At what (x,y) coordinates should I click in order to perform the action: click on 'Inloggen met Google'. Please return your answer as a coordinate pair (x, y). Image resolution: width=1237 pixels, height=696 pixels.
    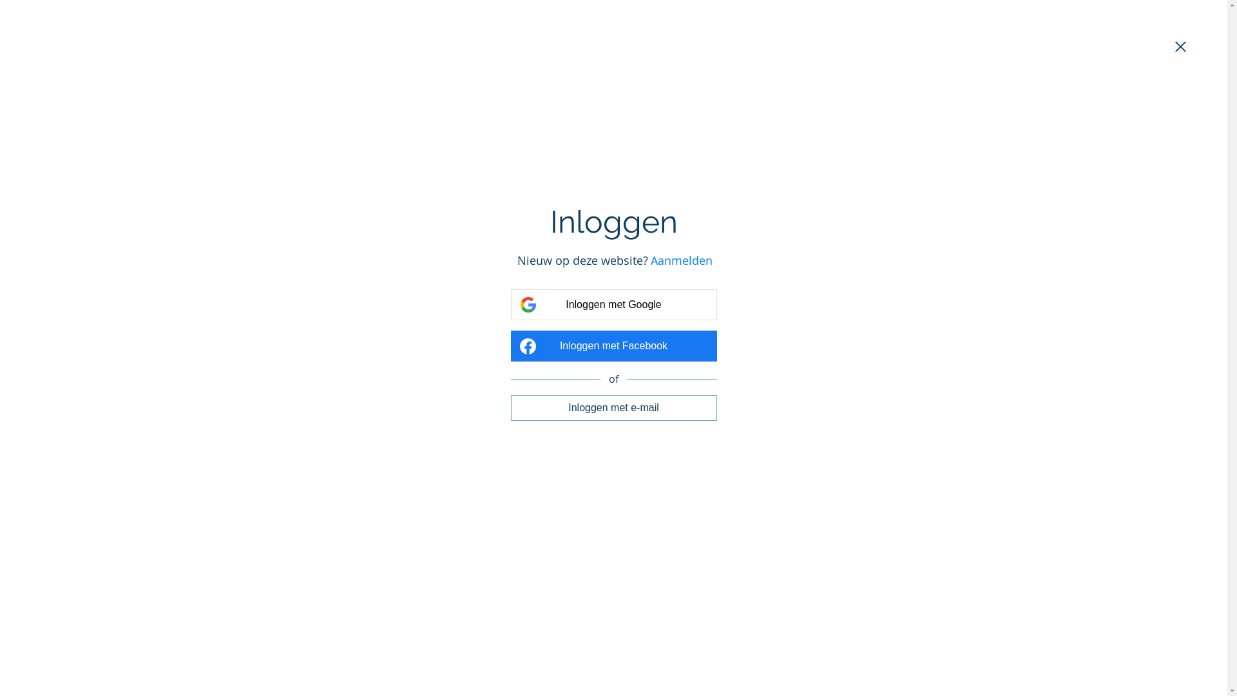
    Looking at the image, I should click on (612, 305).